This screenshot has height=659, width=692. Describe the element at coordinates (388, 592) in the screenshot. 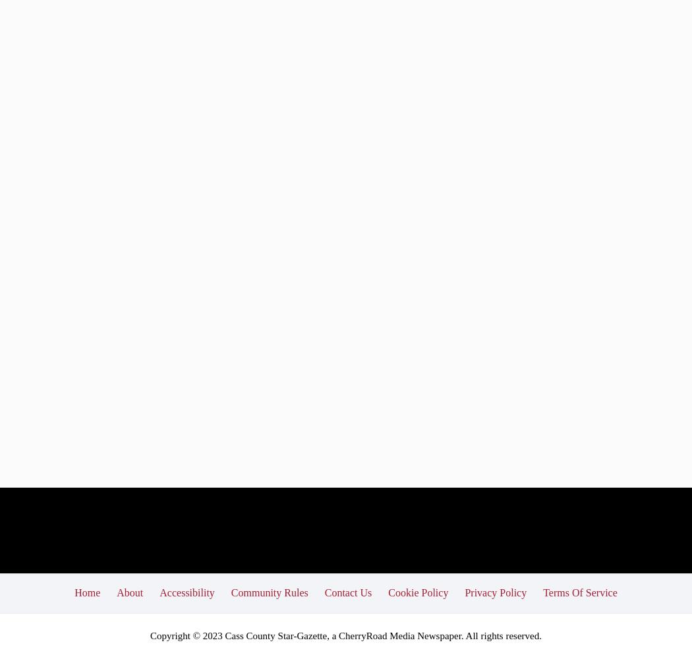

I see `'Cookie Policy'` at that location.